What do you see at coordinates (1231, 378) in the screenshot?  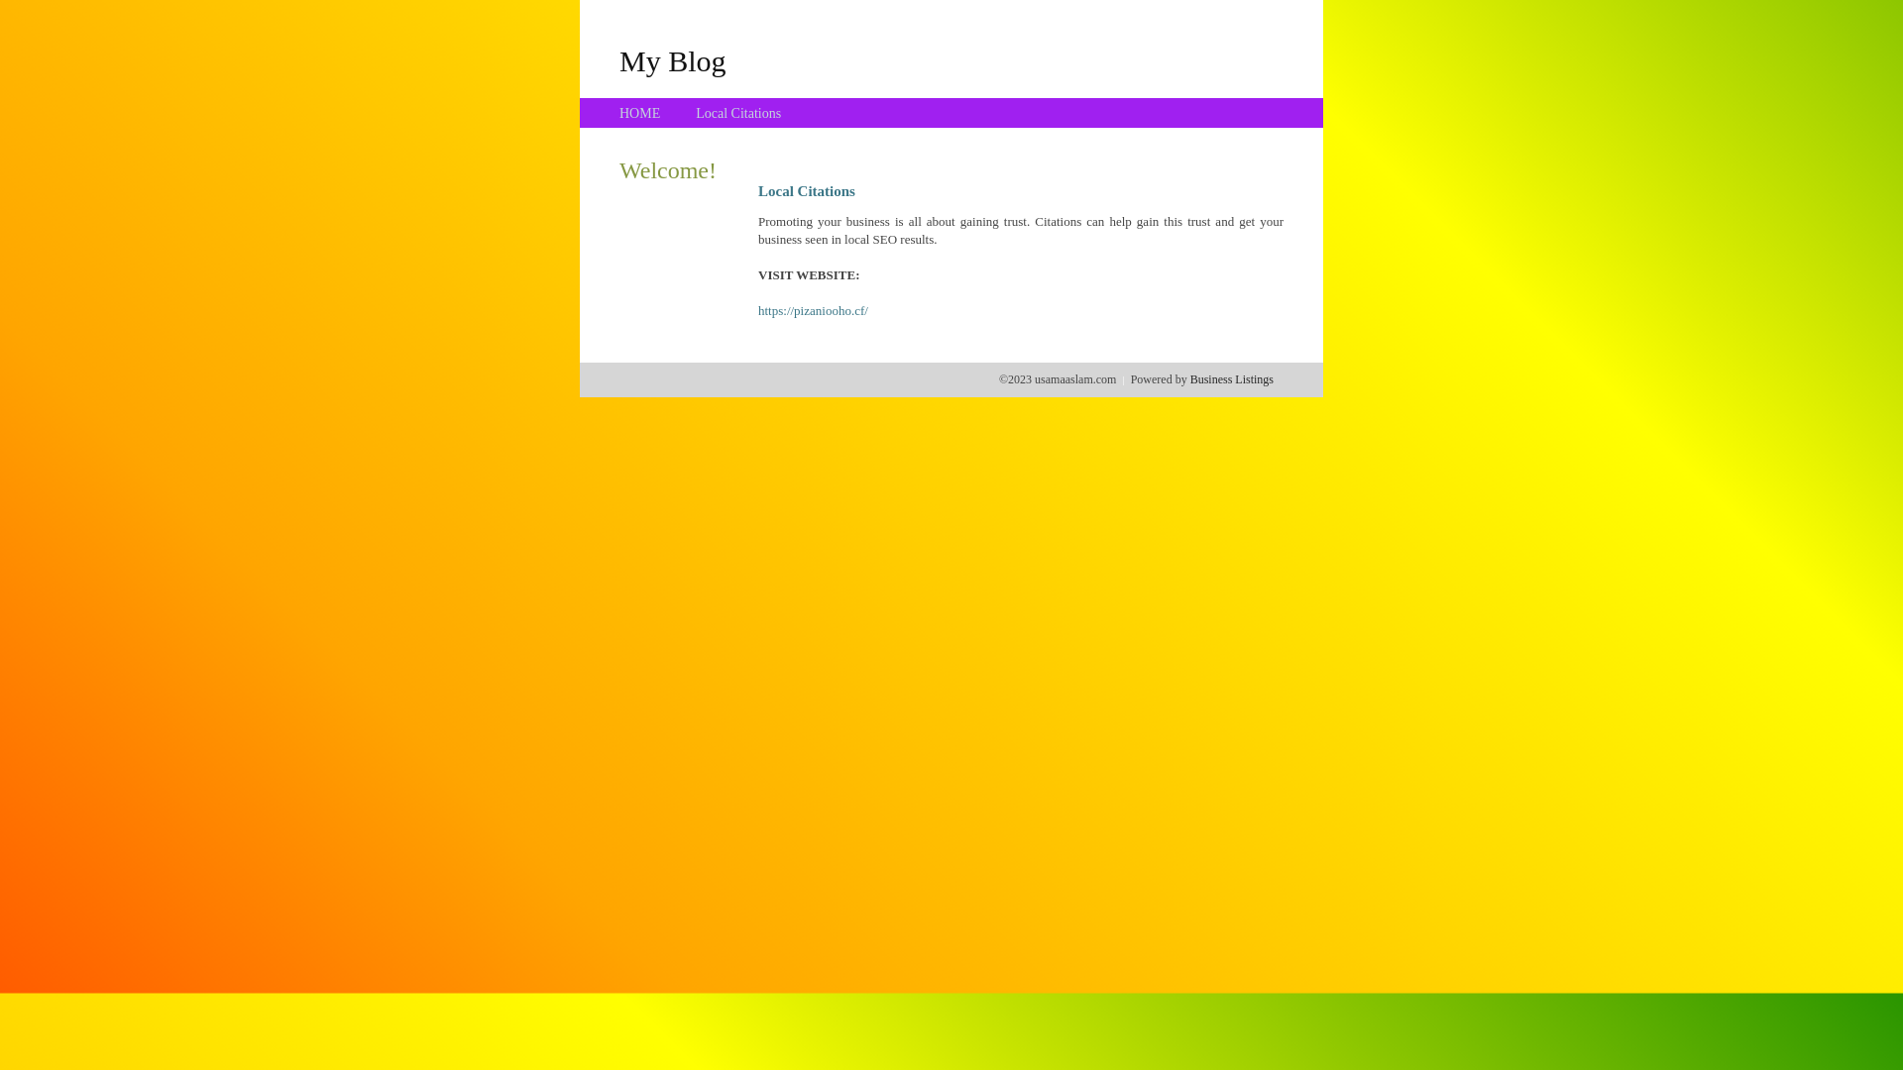 I see `'Business Listings'` at bounding box center [1231, 378].